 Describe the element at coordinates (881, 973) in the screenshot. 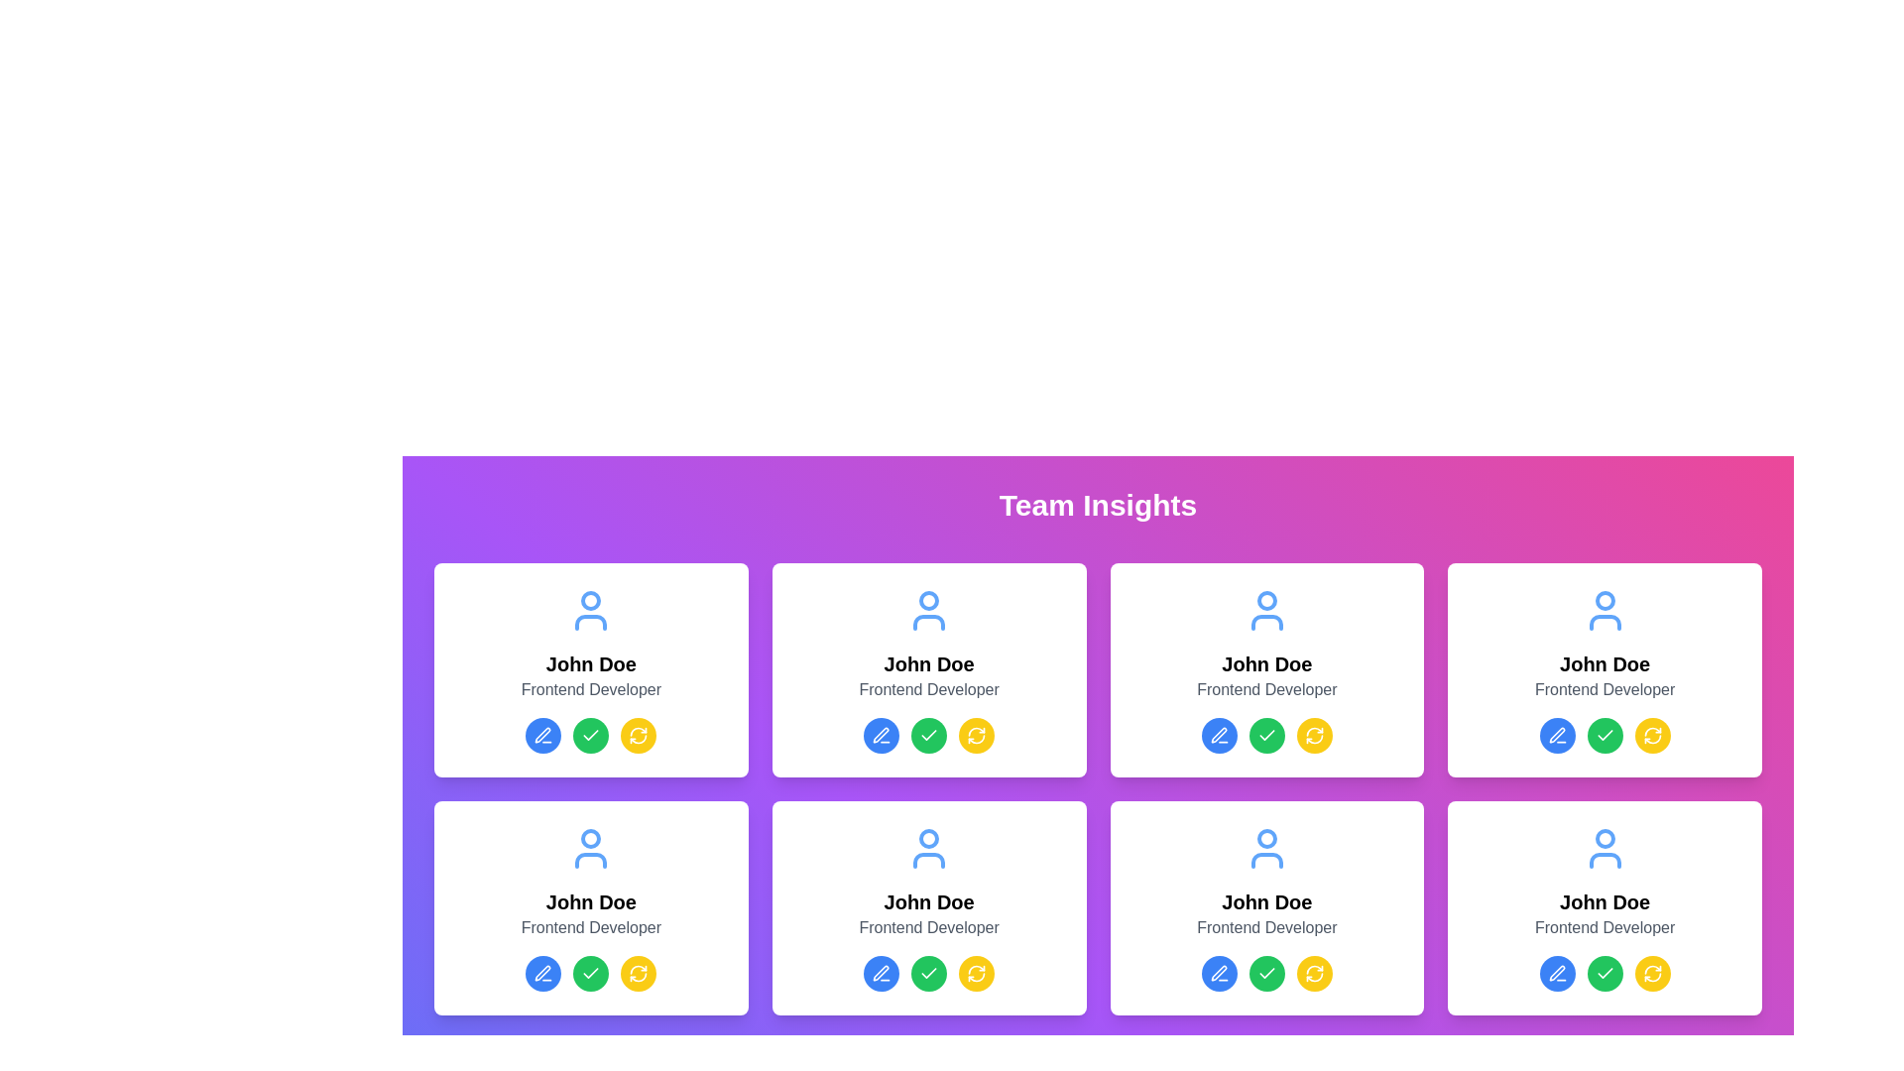

I see `the first button in the bottom-left card of the grid layout` at that location.